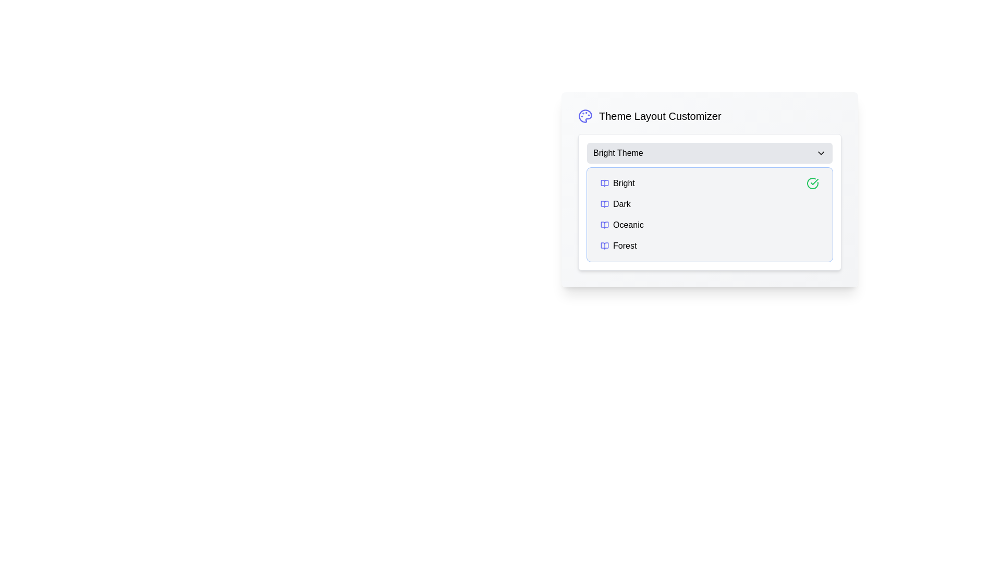  What do you see at coordinates (624, 182) in the screenshot?
I see `the 'Bright' text label in the dropdown menu` at bounding box center [624, 182].